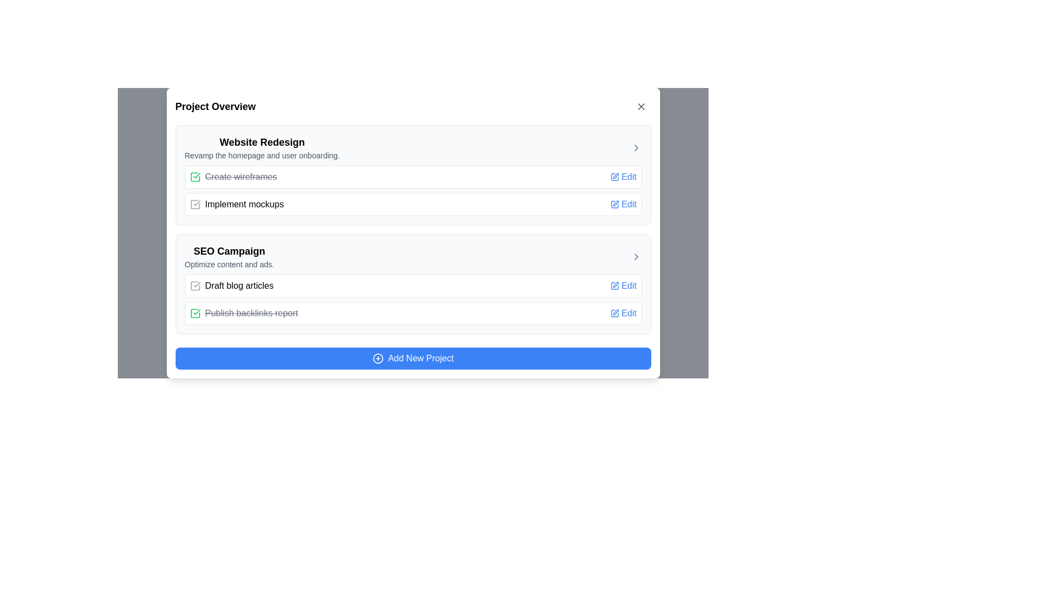 This screenshot has height=594, width=1057. Describe the element at coordinates (195, 176) in the screenshot. I see `the green checked square SVG icon located to the left of the 'Create wireframes' text in the 'Website Redesign' section` at that location.